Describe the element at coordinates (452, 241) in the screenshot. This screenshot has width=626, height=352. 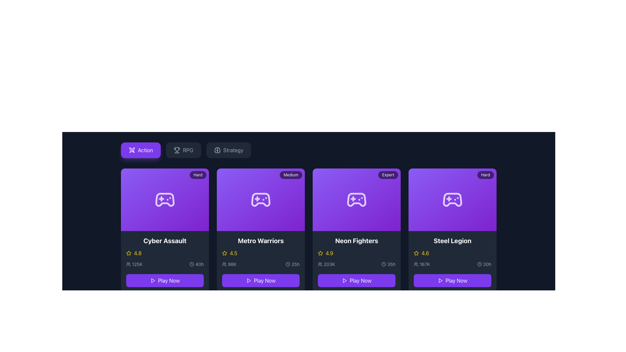
I see `the text element displaying the title 'Steel Legion', which is styled in white, bold, and larger font, located within a dark card-like background` at that location.